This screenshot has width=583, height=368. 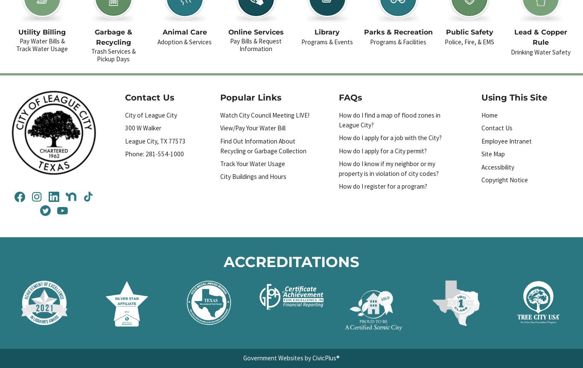 What do you see at coordinates (255, 32) in the screenshot?
I see `'Online Services'` at bounding box center [255, 32].